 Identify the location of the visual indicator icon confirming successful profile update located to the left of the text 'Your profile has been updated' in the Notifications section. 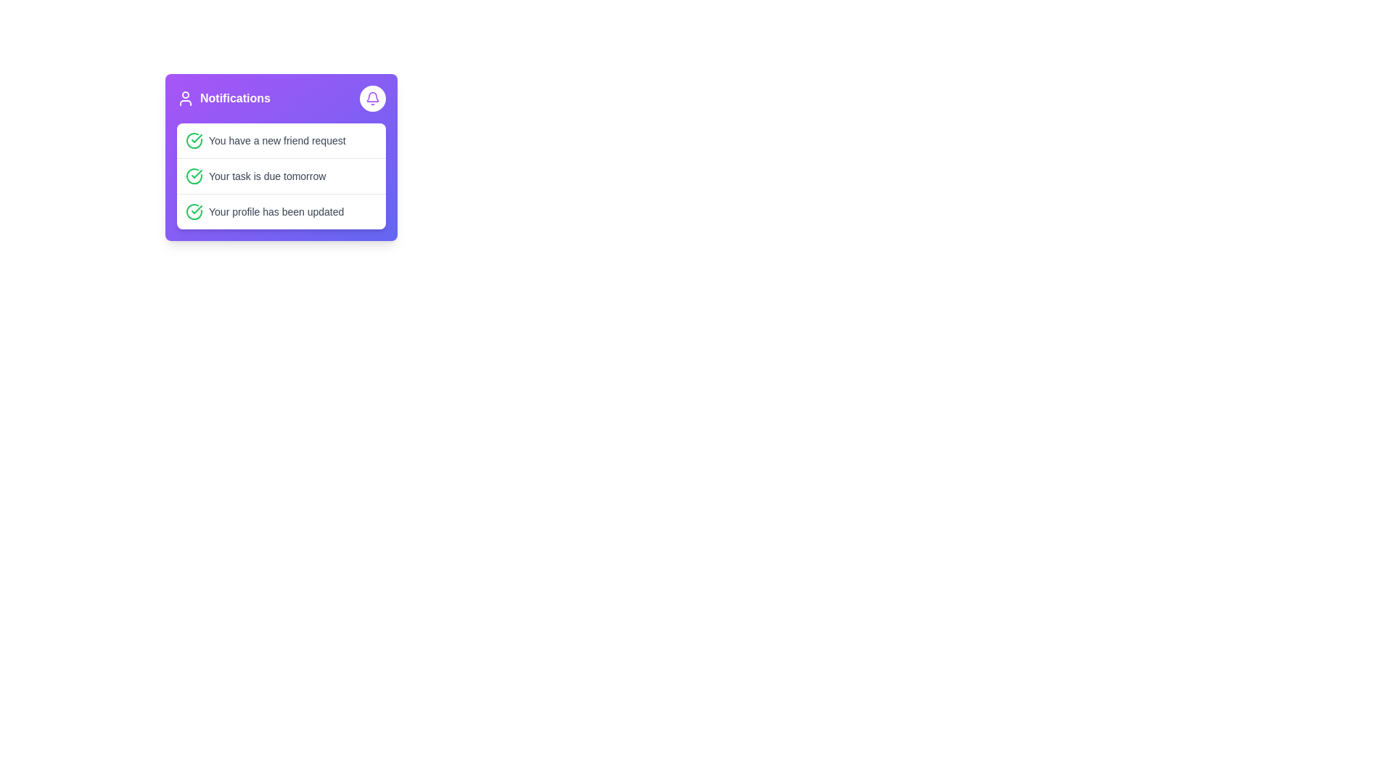
(194, 212).